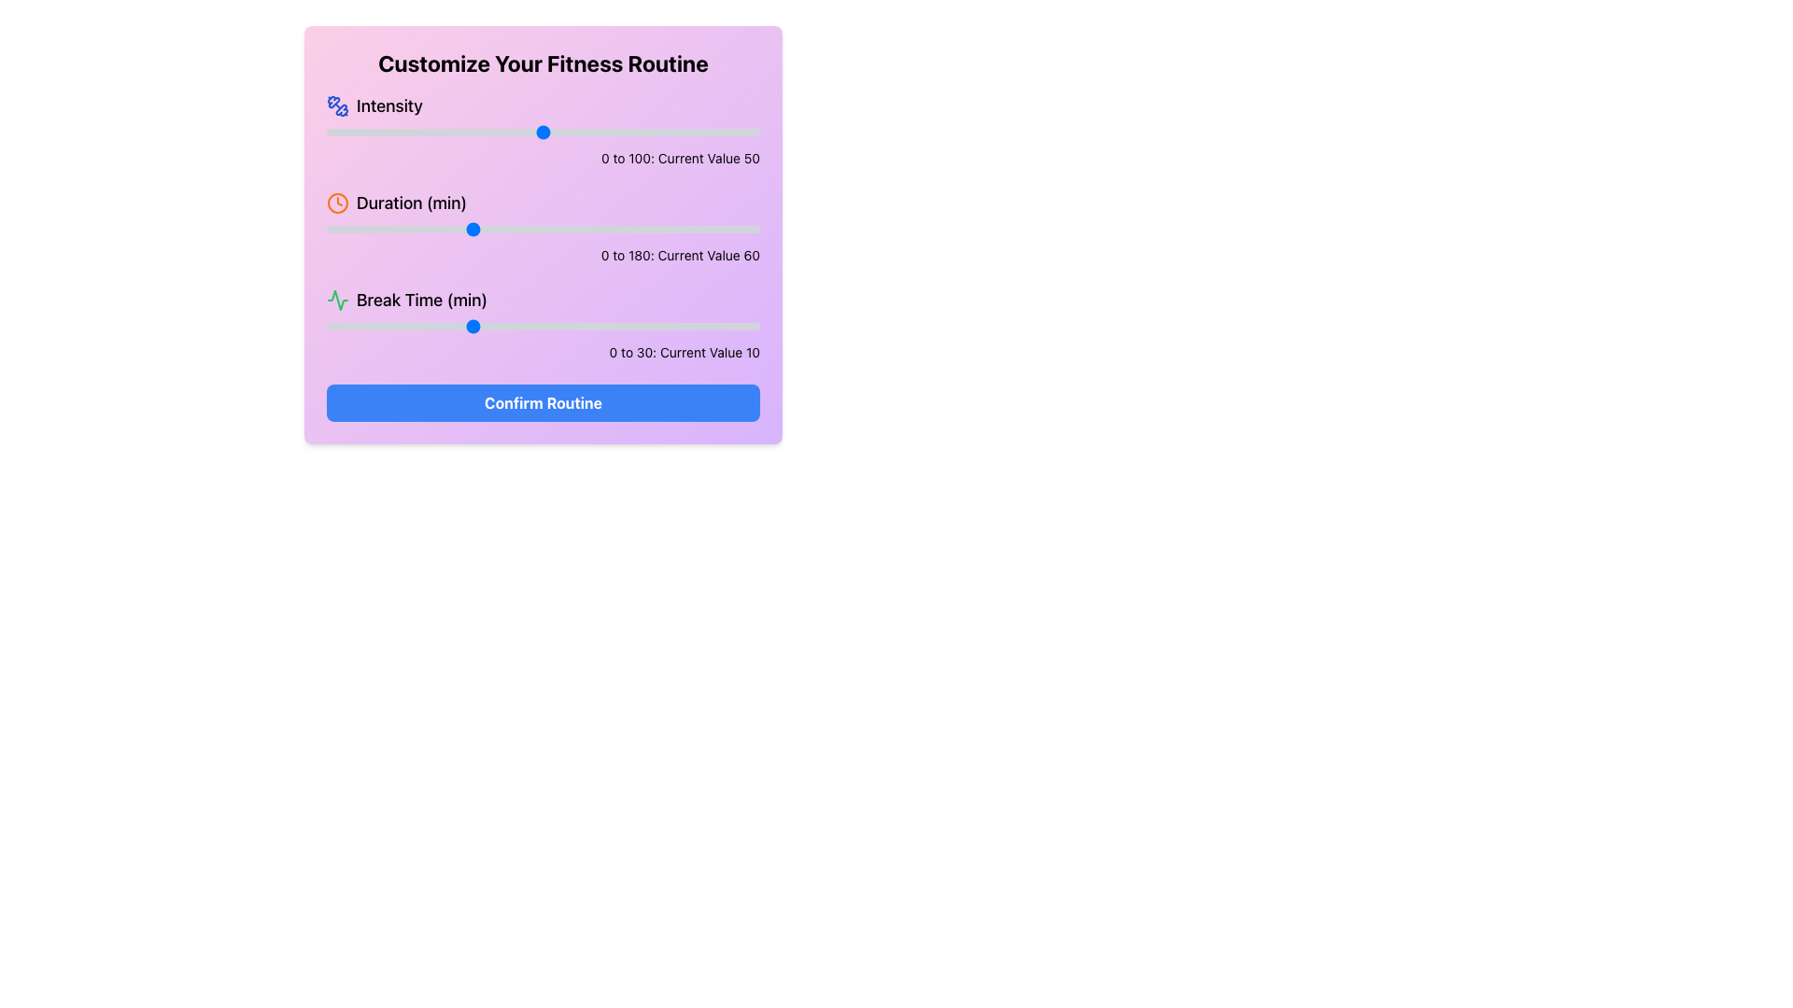 The width and height of the screenshot is (1793, 1008). Describe the element at coordinates (542, 402) in the screenshot. I see `the 'Confirm Routine' button, which has a blue background and white text, located at the bottom of the 'Customize Your Fitness Routine' section` at that location.